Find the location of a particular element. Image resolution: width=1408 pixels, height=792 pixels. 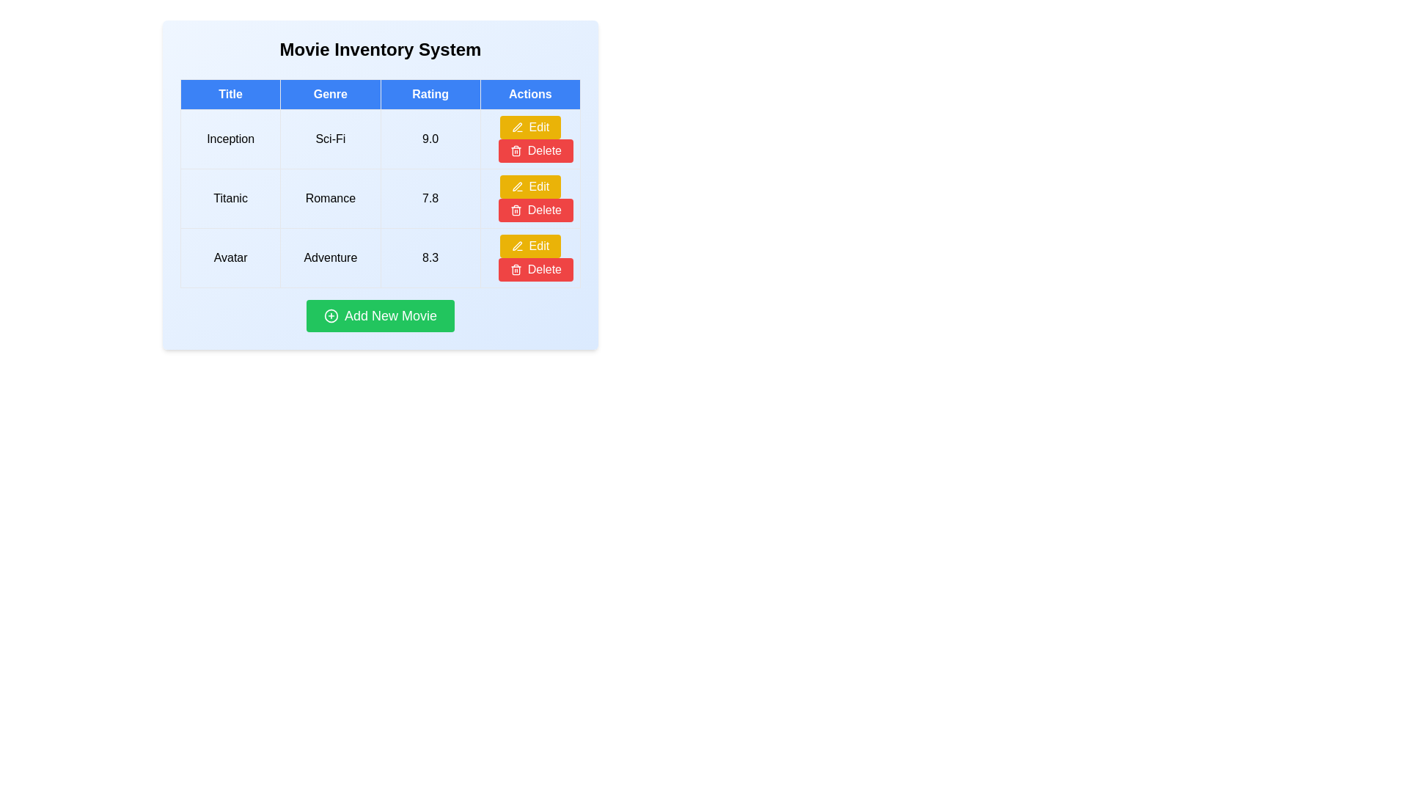

the 'Delete' button with red background and white text located in the 'Actions' column of the second row of the table next to the 'Titanic' movie record to observe hover effects is located at coordinates (535, 210).